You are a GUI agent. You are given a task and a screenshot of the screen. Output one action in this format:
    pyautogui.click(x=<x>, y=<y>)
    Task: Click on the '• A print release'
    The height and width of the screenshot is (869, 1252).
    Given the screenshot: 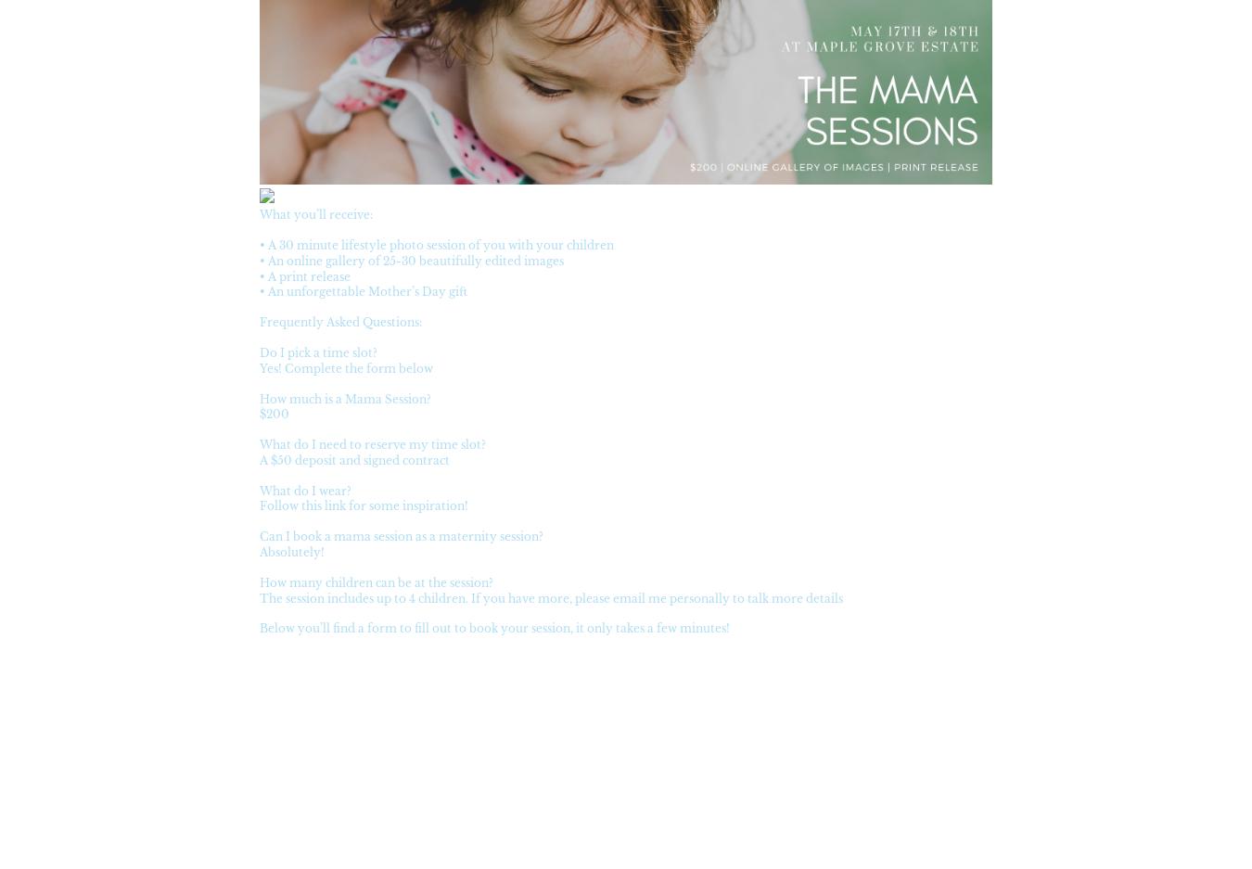 What is the action you would take?
    pyautogui.click(x=303, y=275)
    